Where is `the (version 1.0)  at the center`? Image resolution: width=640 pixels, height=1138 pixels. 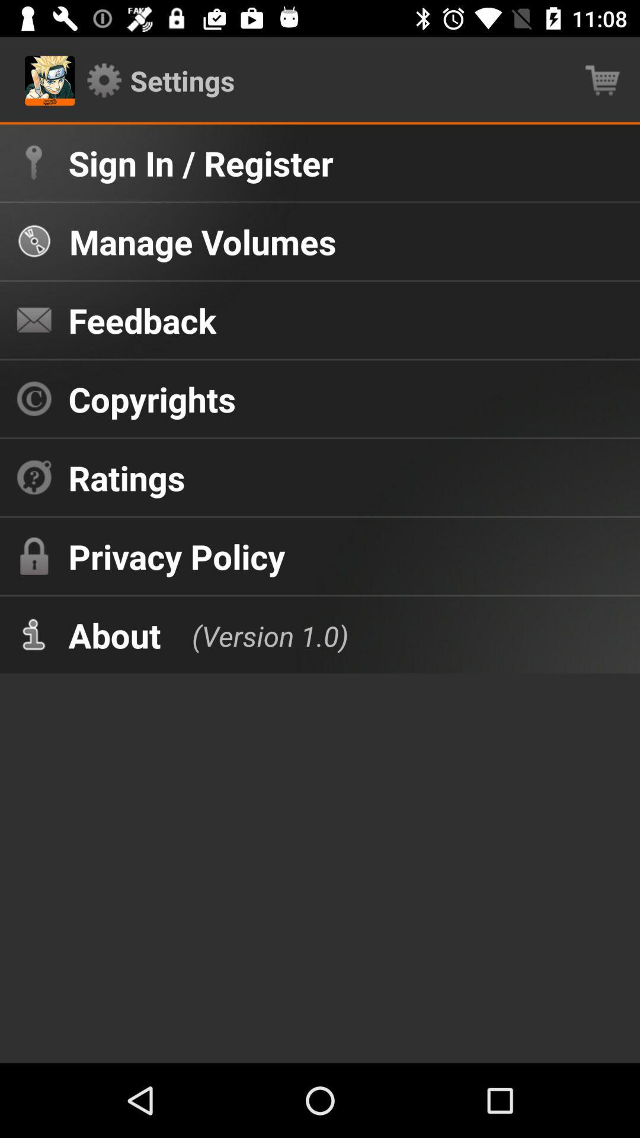 the (version 1.0)  at the center is located at coordinates (257, 634).